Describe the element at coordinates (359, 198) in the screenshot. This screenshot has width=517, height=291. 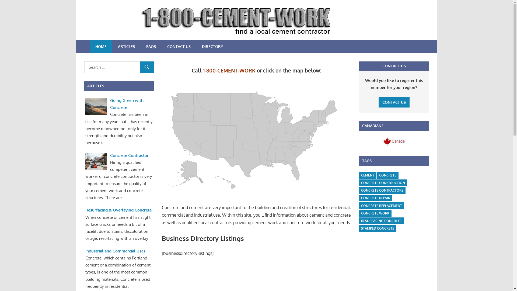
I see `'CONCRETE REPAIR'` at that location.